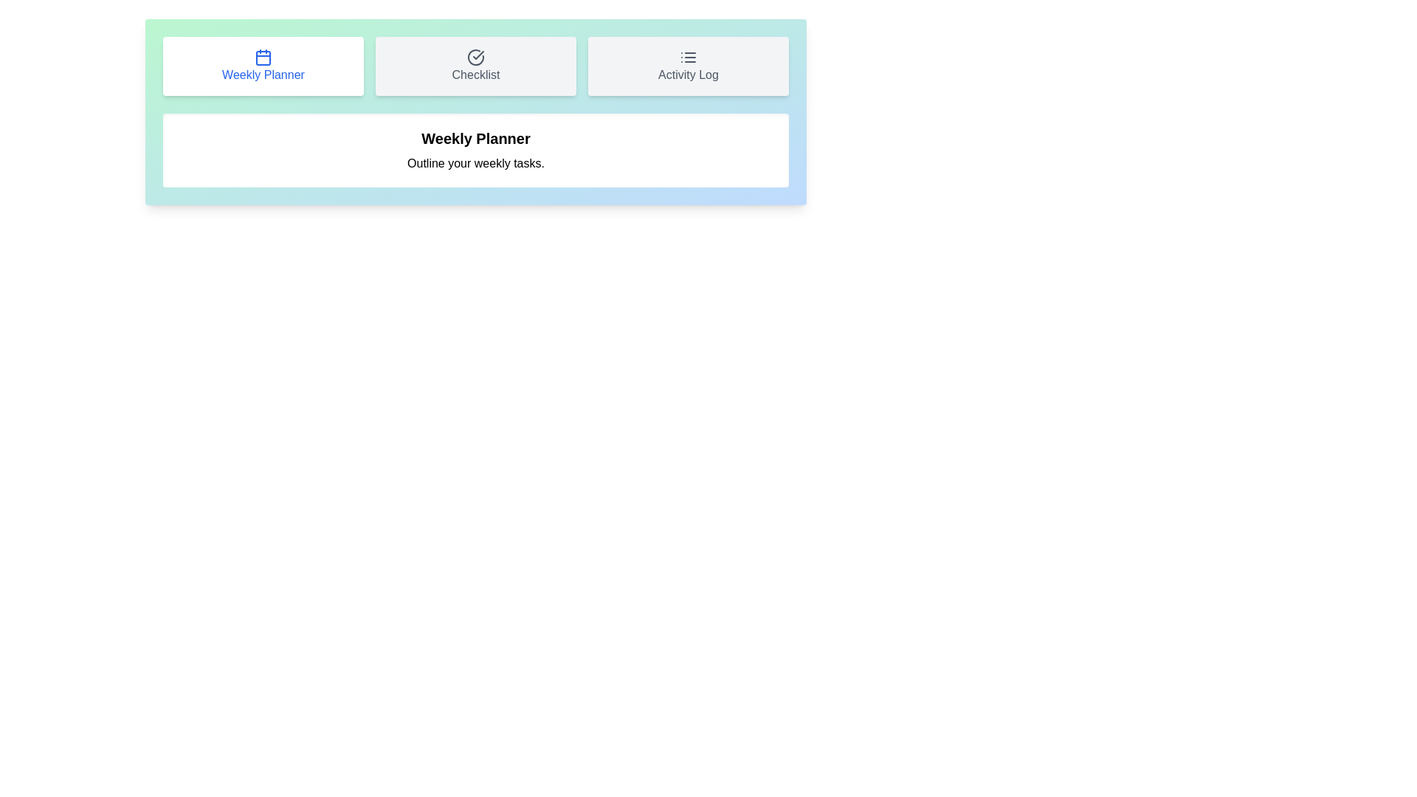  I want to click on the tab button corresponding to Checklist to switch to that tab, so click(475, 65).